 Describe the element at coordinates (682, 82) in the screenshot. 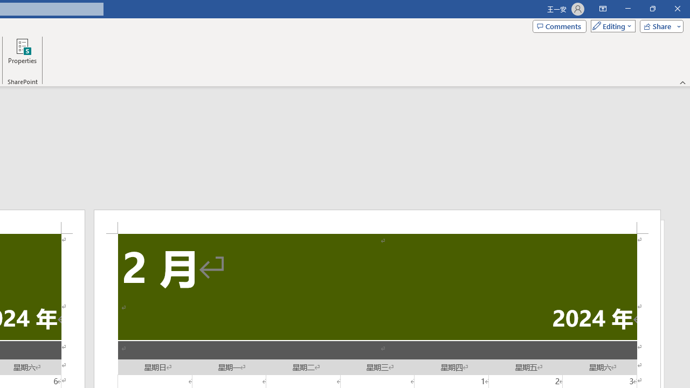

I see `'Collapse the Ribbon'` at that location.